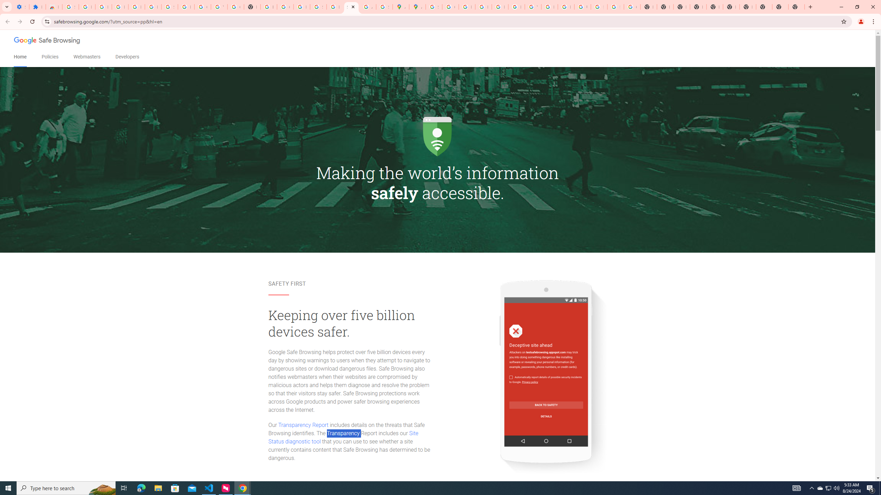 Image resolution: width=881 pixels, height=495 pixels. Describe the element at coordinates (119, 7) in the screenshot. I see `'Delete photos & videos - Computer - Google Photos Help'` at that location.